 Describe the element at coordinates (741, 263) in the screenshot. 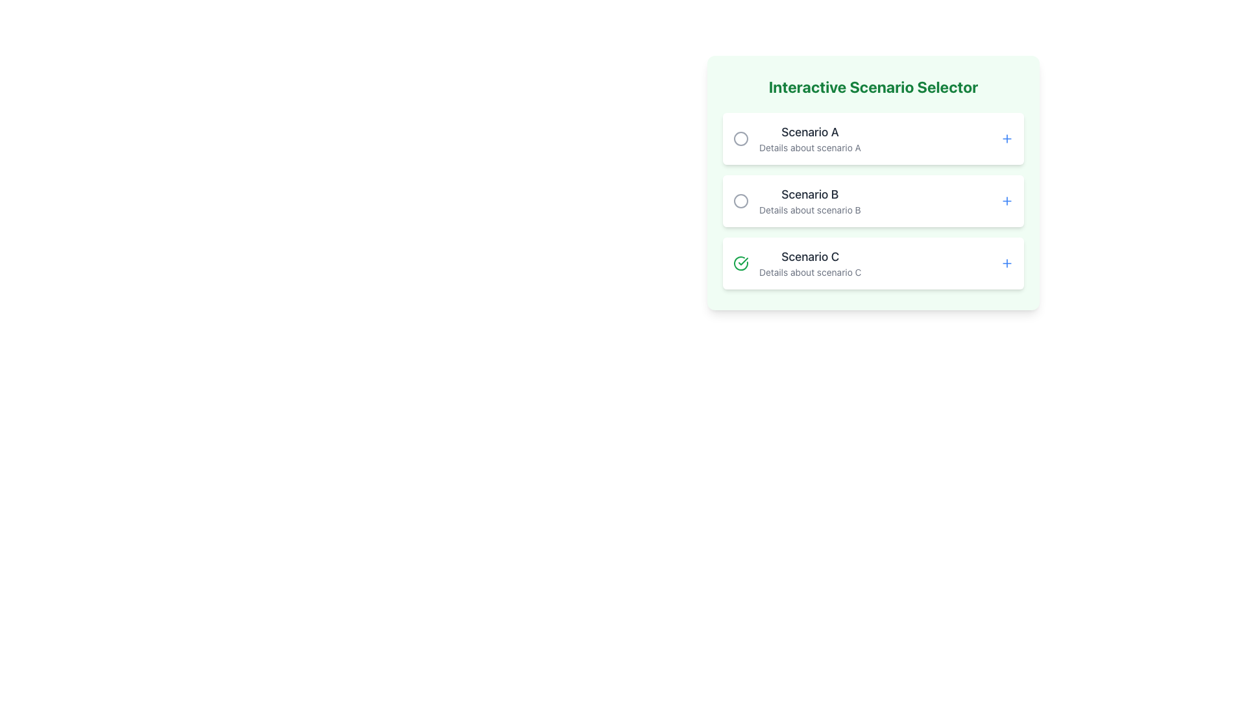

I see `the Selectable Icon for 'Scenario C' located at the left side of the 'Scenario C' row in the 'Interactive Scenario Selector' section` at that location.